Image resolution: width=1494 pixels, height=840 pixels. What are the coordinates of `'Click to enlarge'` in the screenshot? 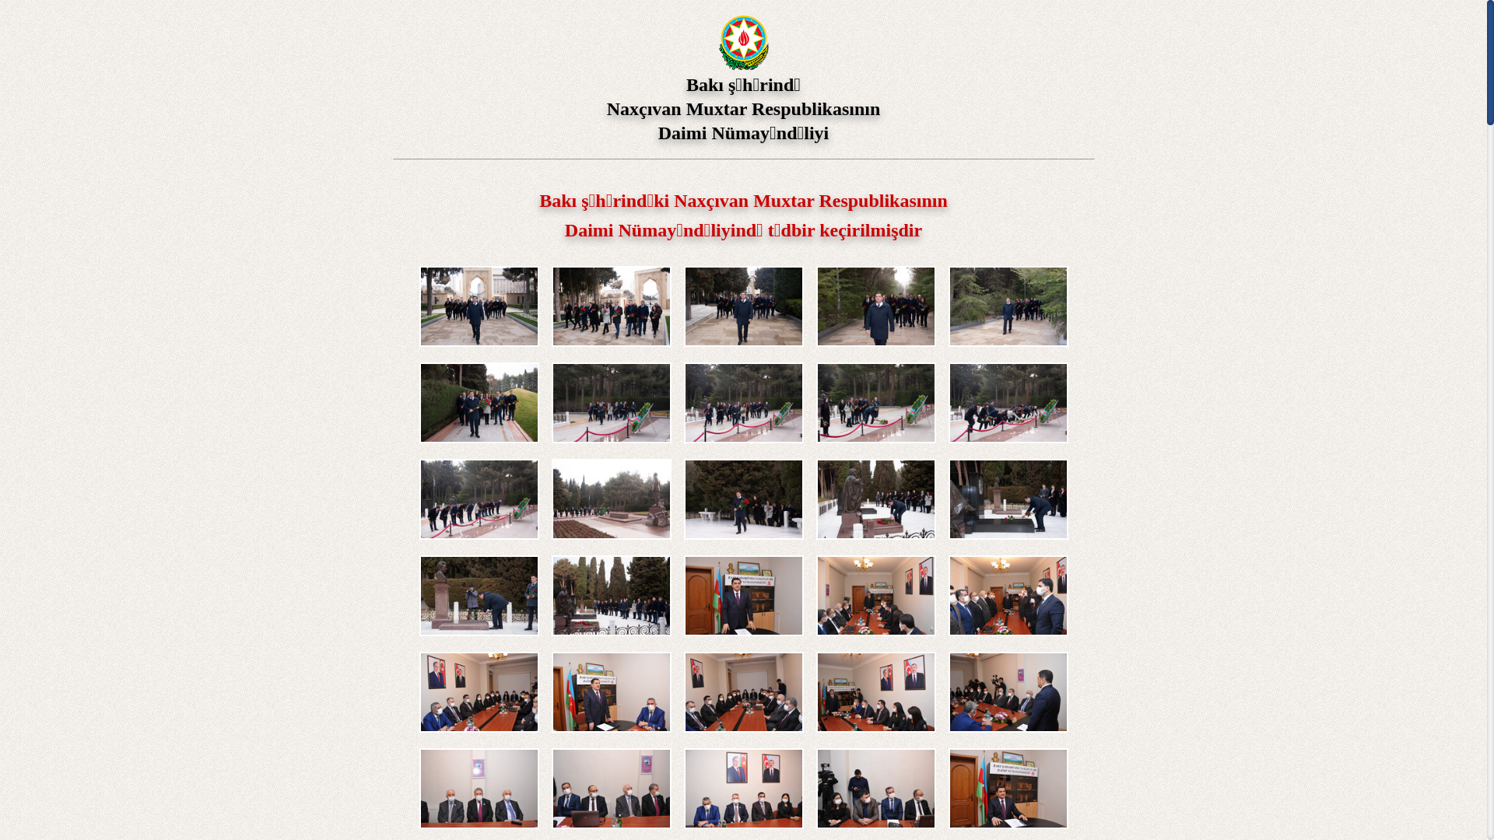 It's located at (1008, 499).